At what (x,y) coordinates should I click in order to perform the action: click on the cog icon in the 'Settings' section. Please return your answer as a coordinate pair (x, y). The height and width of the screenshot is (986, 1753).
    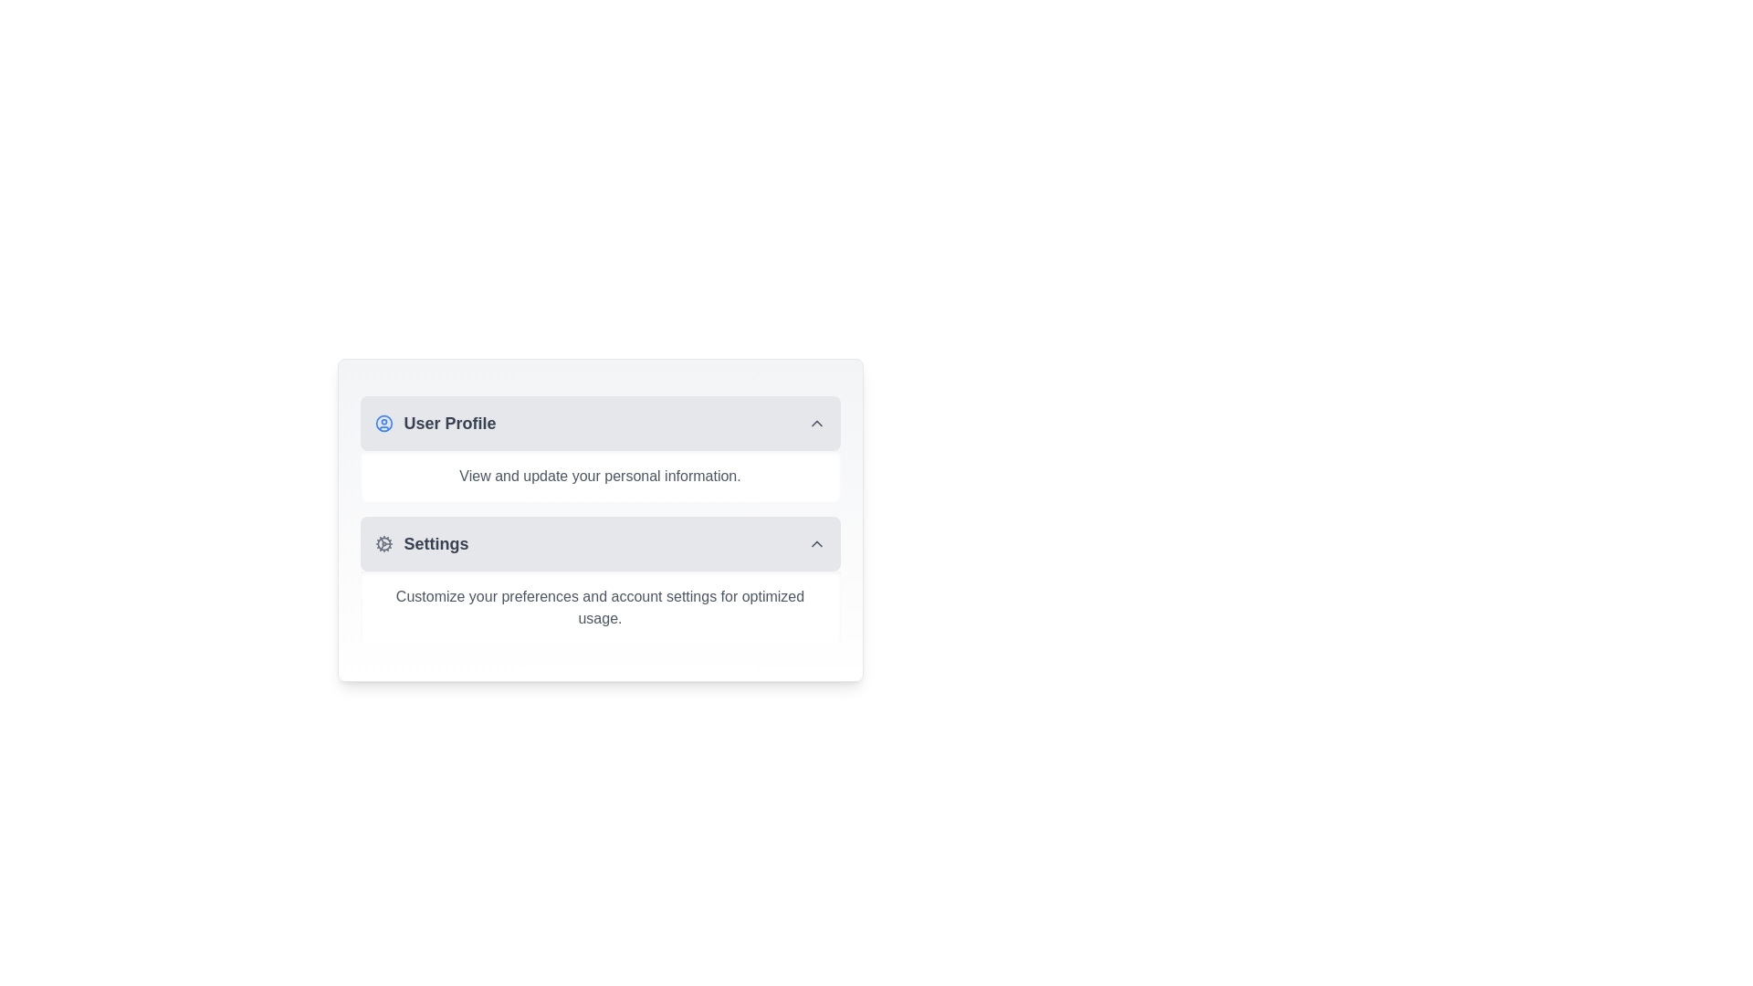
    Looking at the image, I should click on (383, 543).